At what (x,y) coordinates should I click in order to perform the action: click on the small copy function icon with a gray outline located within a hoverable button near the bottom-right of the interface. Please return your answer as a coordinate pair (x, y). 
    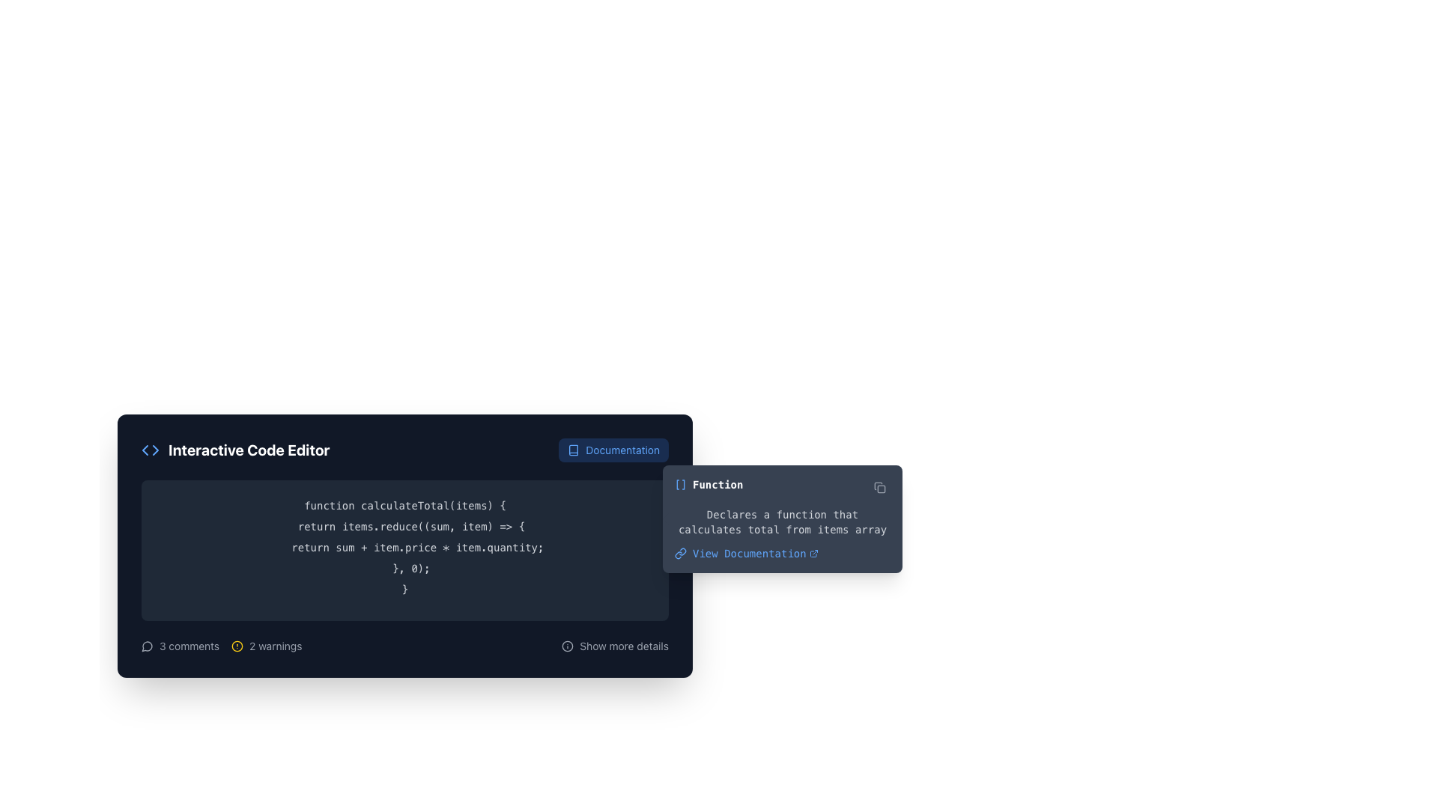
    Looking at the image, I should click on (880, 487).